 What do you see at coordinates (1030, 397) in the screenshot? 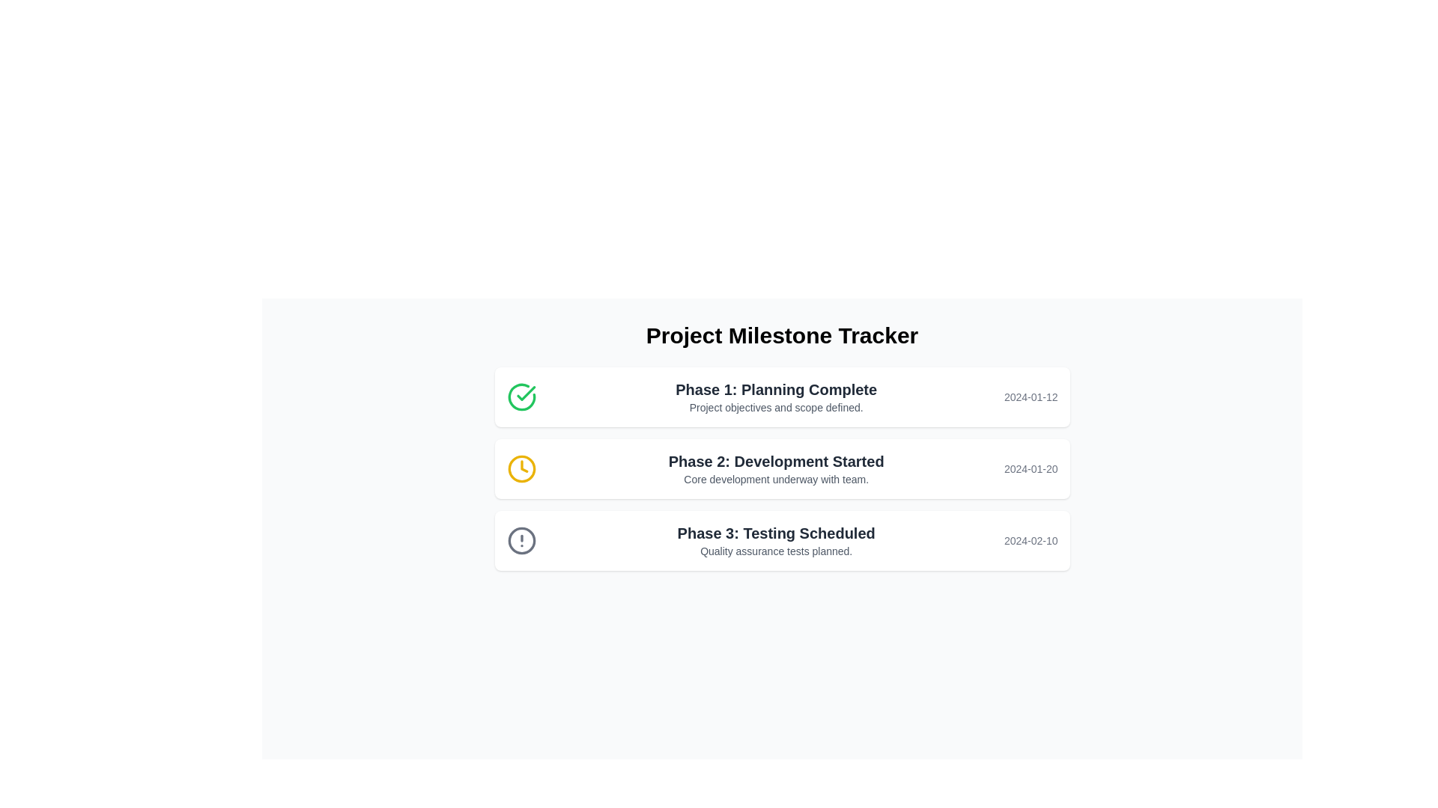
I see `the static text display that shows the date related to the milestone in the 'Phase 1: Planning Complete' box` at bounding box center [1030, 397].